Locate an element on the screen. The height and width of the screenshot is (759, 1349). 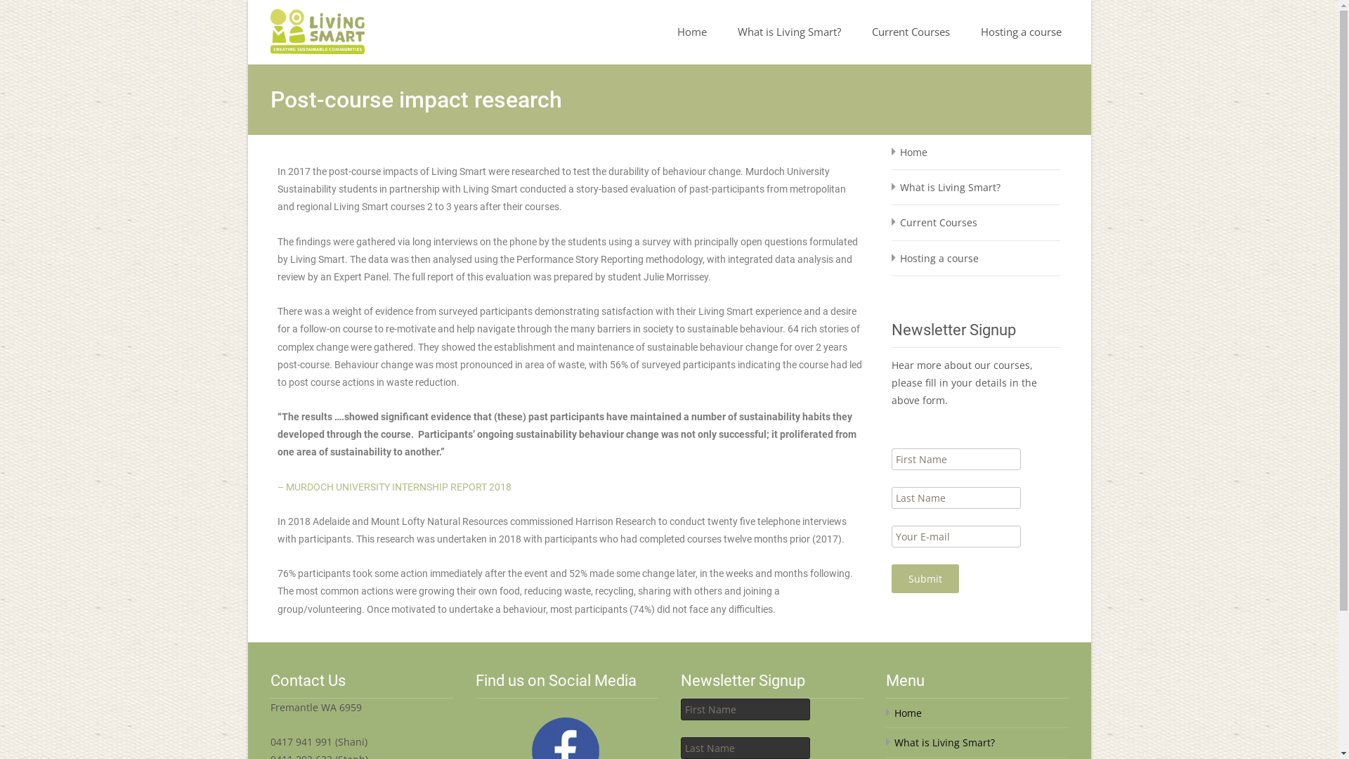
'Current Courses' is located at coordinates (910, 32).